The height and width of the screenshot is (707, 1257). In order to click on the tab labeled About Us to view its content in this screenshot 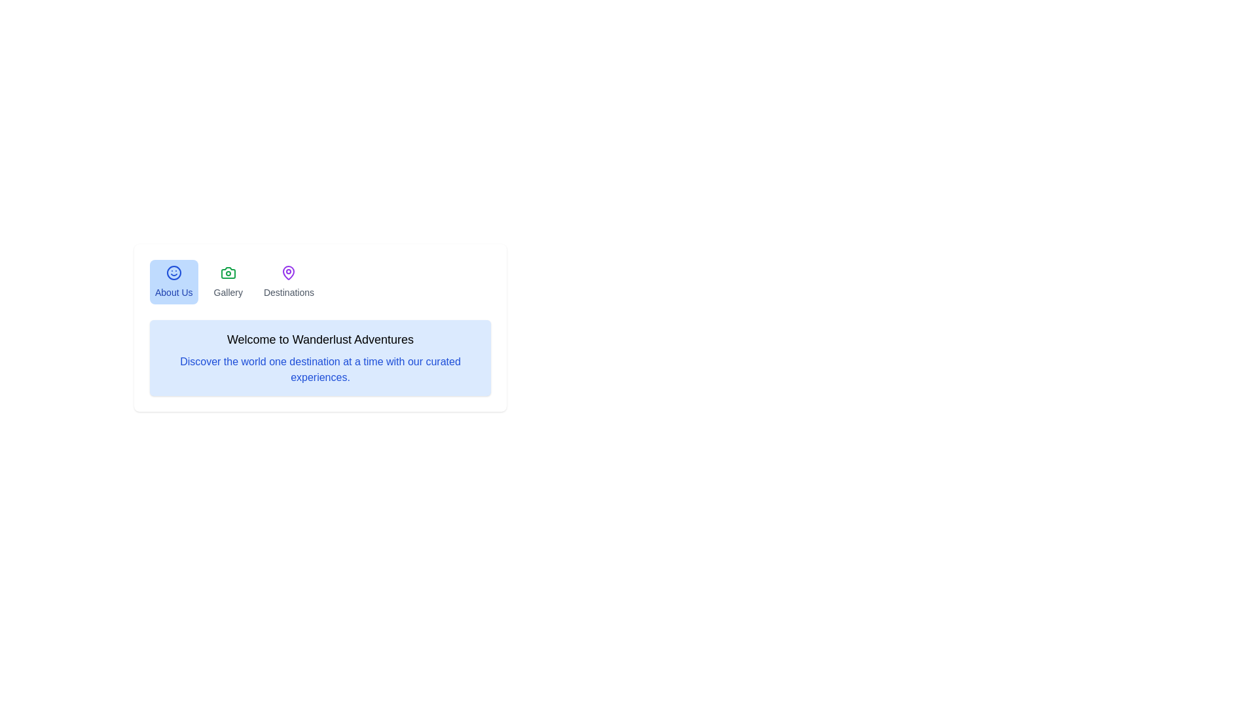, I will do `click(173, 281)`.